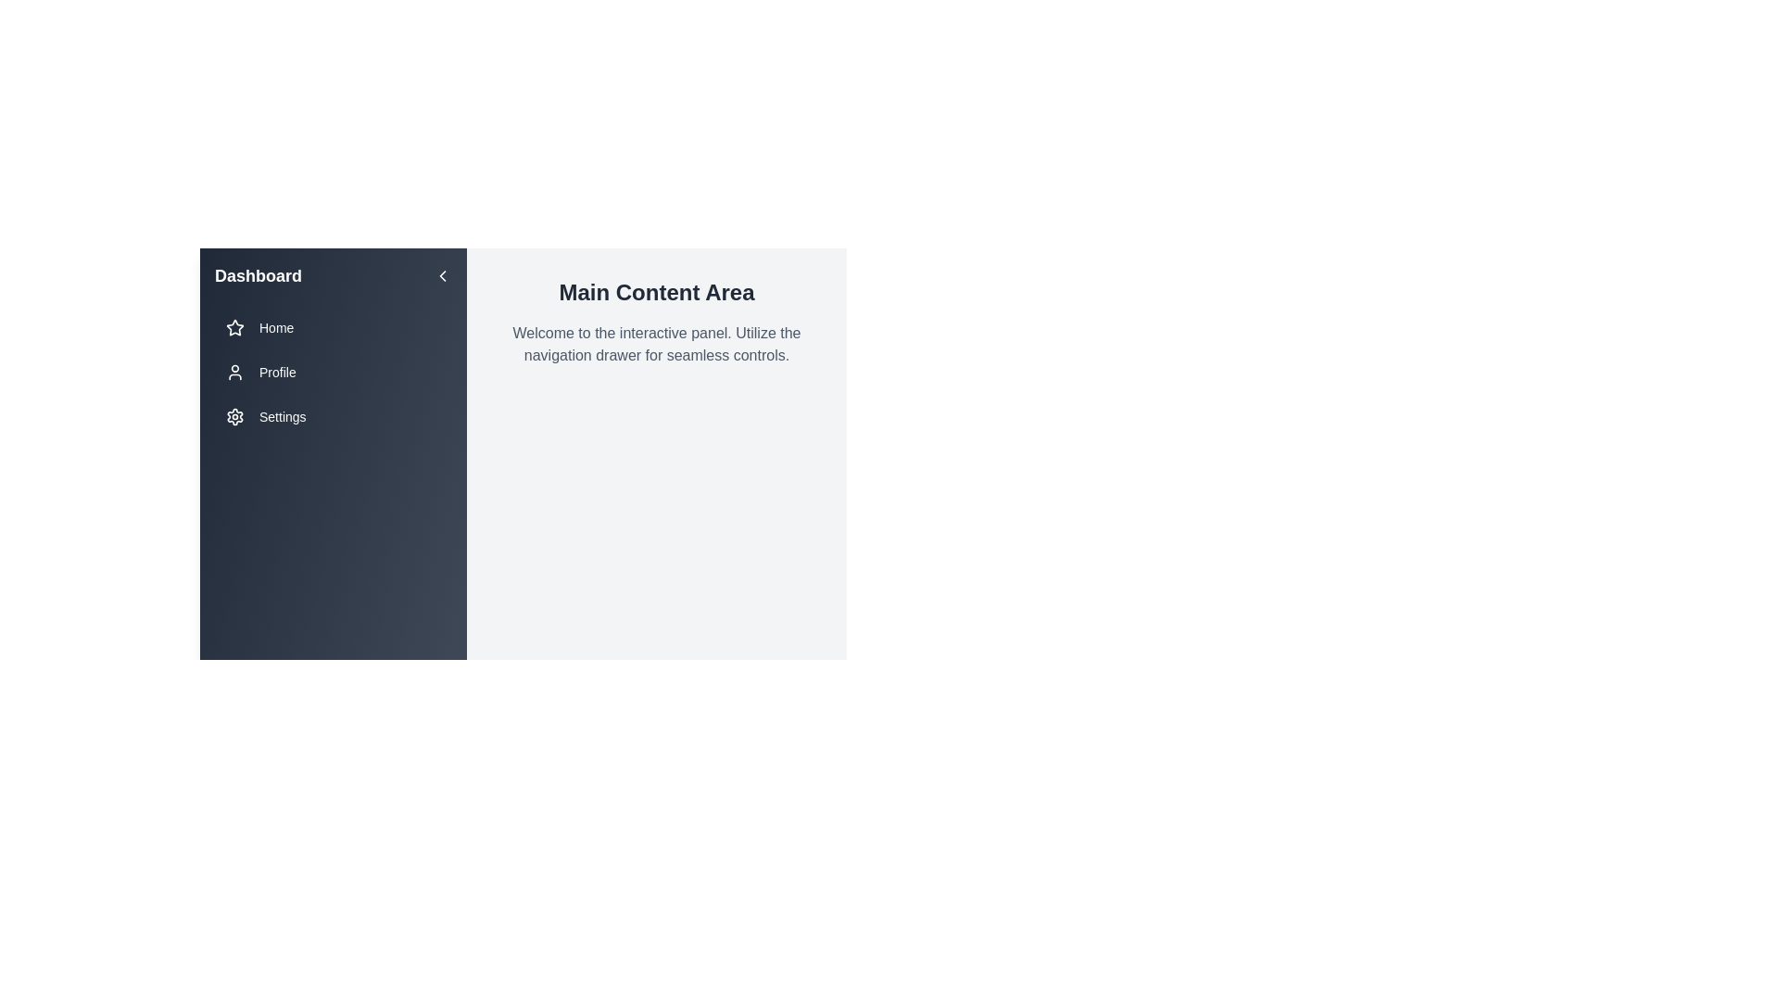 The width and height of the screenshot is (1779, 1001). I want to click on the 'Home' icon located in the left-side navigation menu, which is the first icon in the list and enhances navigational clarity, so click(234, 327).